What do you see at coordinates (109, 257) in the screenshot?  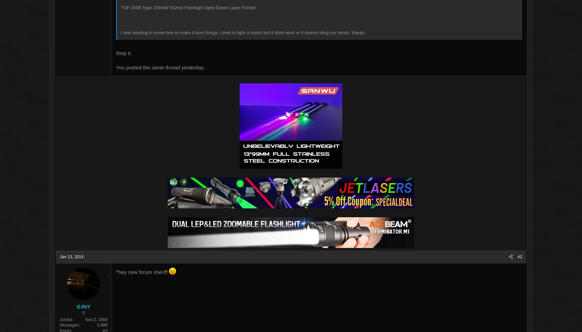 I see `'Jan 13, 2014'` at bounding box center [109, 257].